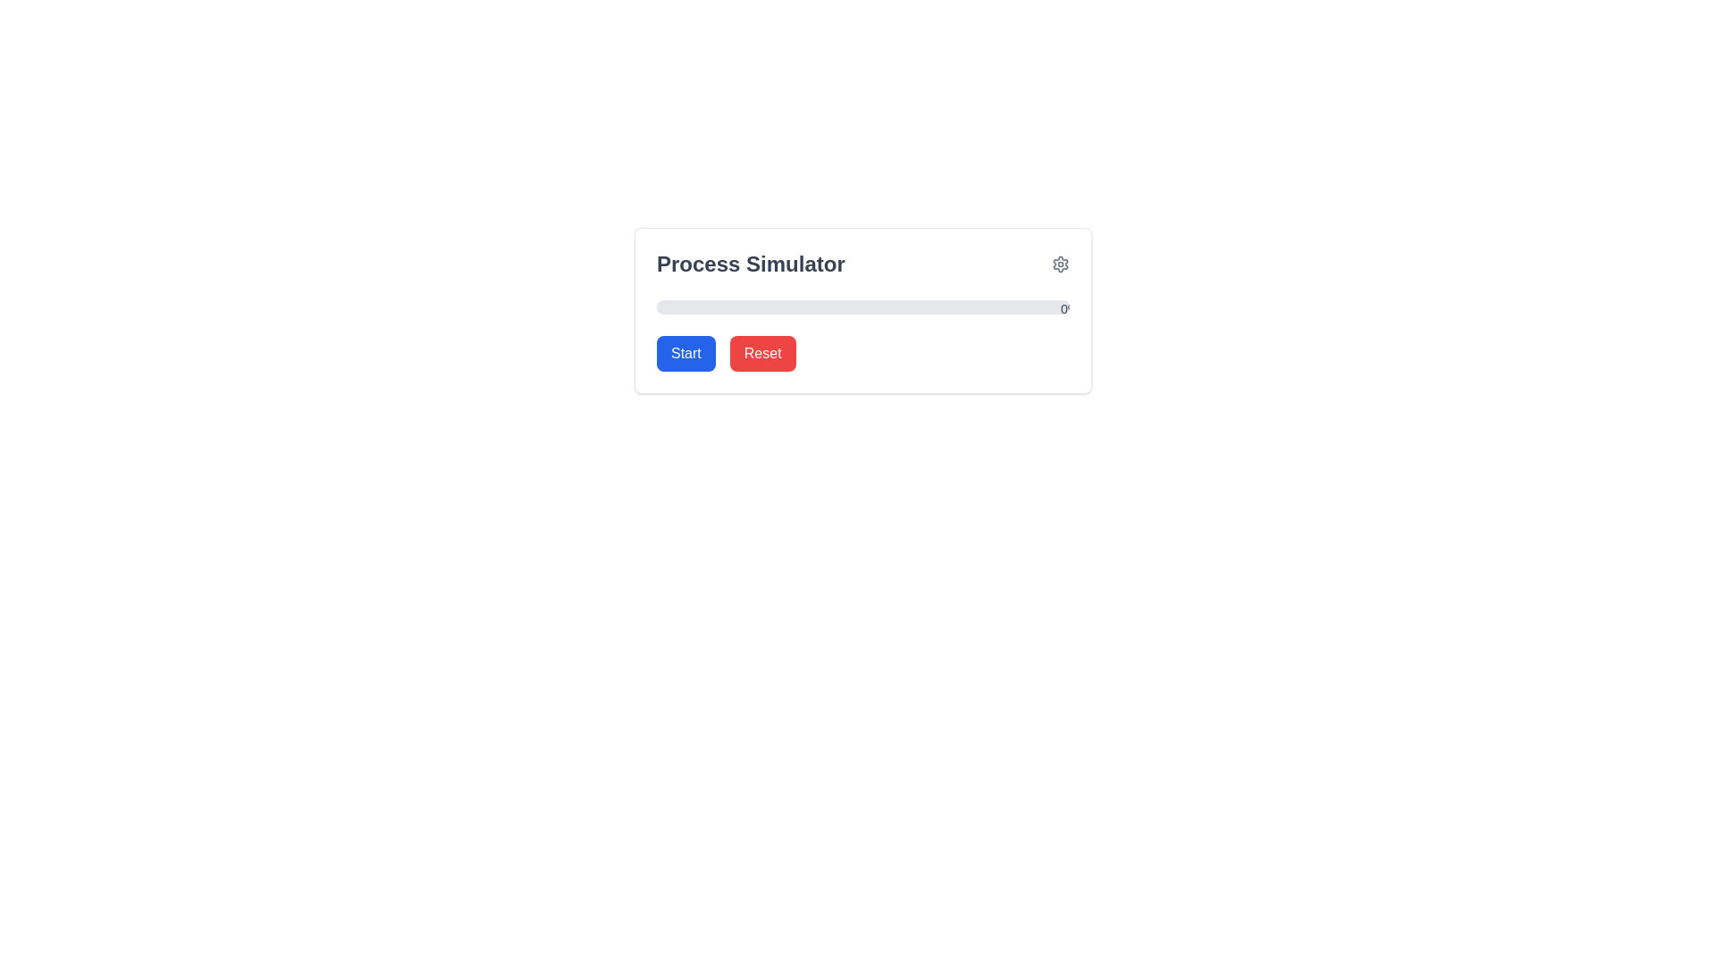 The width and height of the screenshot is (1716, 965). Describe the element at coordinates (862, 306) in the screenshot. I see `the progress bar that is styled in gray with a blue-filled portion and displays '0%' centered, located below the 'Process Simulator' heading and above the 'Start' and 'Reset' buttons` at that location.